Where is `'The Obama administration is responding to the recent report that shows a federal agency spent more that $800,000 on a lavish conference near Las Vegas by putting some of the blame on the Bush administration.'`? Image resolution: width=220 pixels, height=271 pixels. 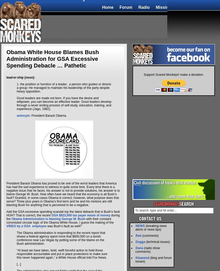
'The Obama administration is responding to the recent report that shows a federal agency spent more that $800,000 on a lavish conference near Las Vegas by putting some of the blame on the Bush administration.' is located at coordinates (16, 238).